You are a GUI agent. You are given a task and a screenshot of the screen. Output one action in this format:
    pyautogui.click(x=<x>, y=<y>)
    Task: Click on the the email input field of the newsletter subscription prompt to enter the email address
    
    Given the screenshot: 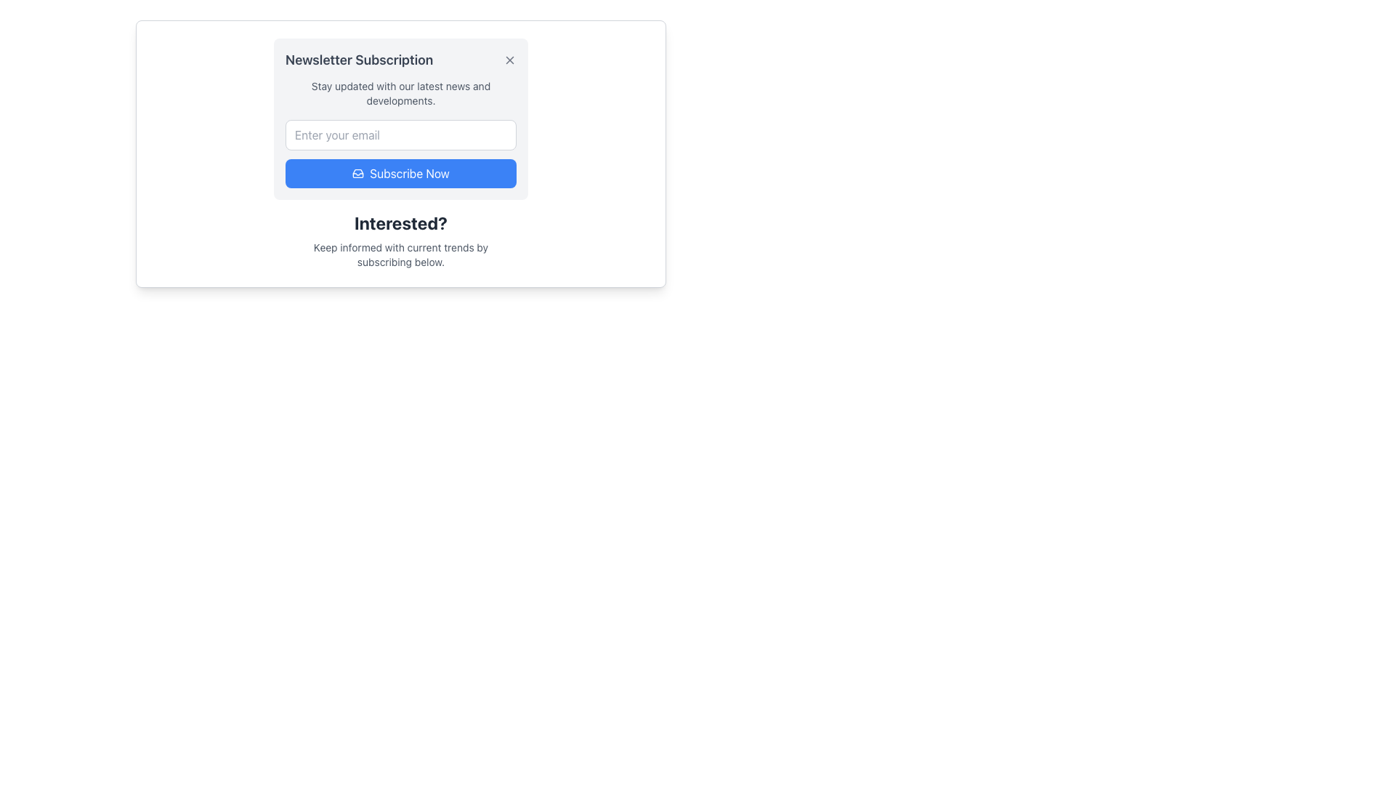 What is the action you would take?
    pyautogui.click(x=401, y=118)
    